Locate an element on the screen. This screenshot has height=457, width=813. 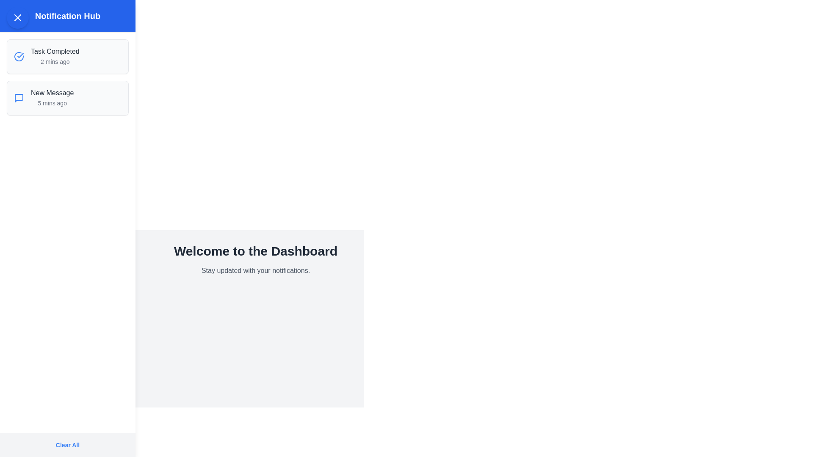
text content of the 'New Message' label located in the second notification item of the 'Notification Hub' panel is located at coordinates (52, 93).